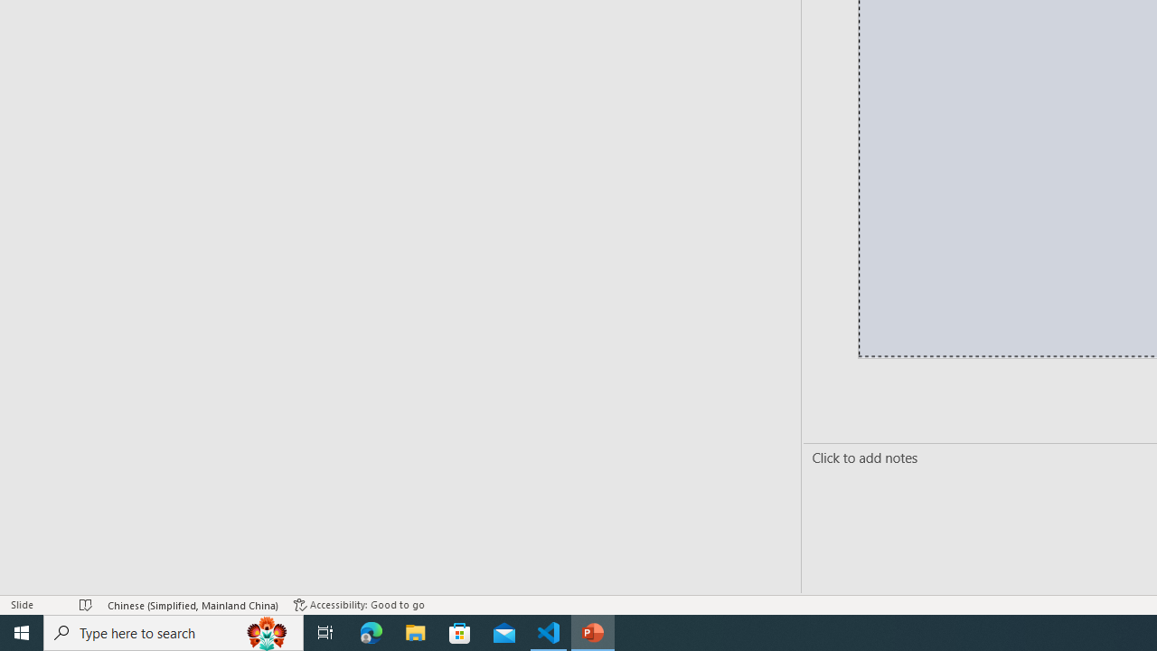 The height and width of the screenshot is (651, 1157). Describe the element at coordinates (359, 605) in the screenshot. I see `'Accessibility Checker Accessibility: Good to go'` at that location.